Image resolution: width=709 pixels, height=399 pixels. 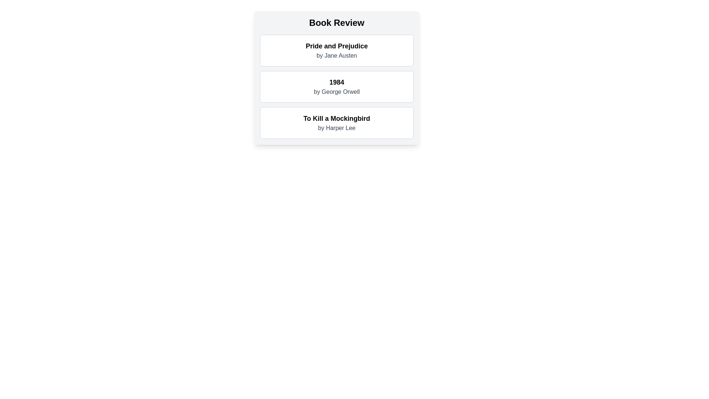 I want to click on the text label reading 'by Jane Austen.' which is styled in light gray color and positioned directly beneath the title 'Pride and Prejudice.', so click(x=336, y=55).